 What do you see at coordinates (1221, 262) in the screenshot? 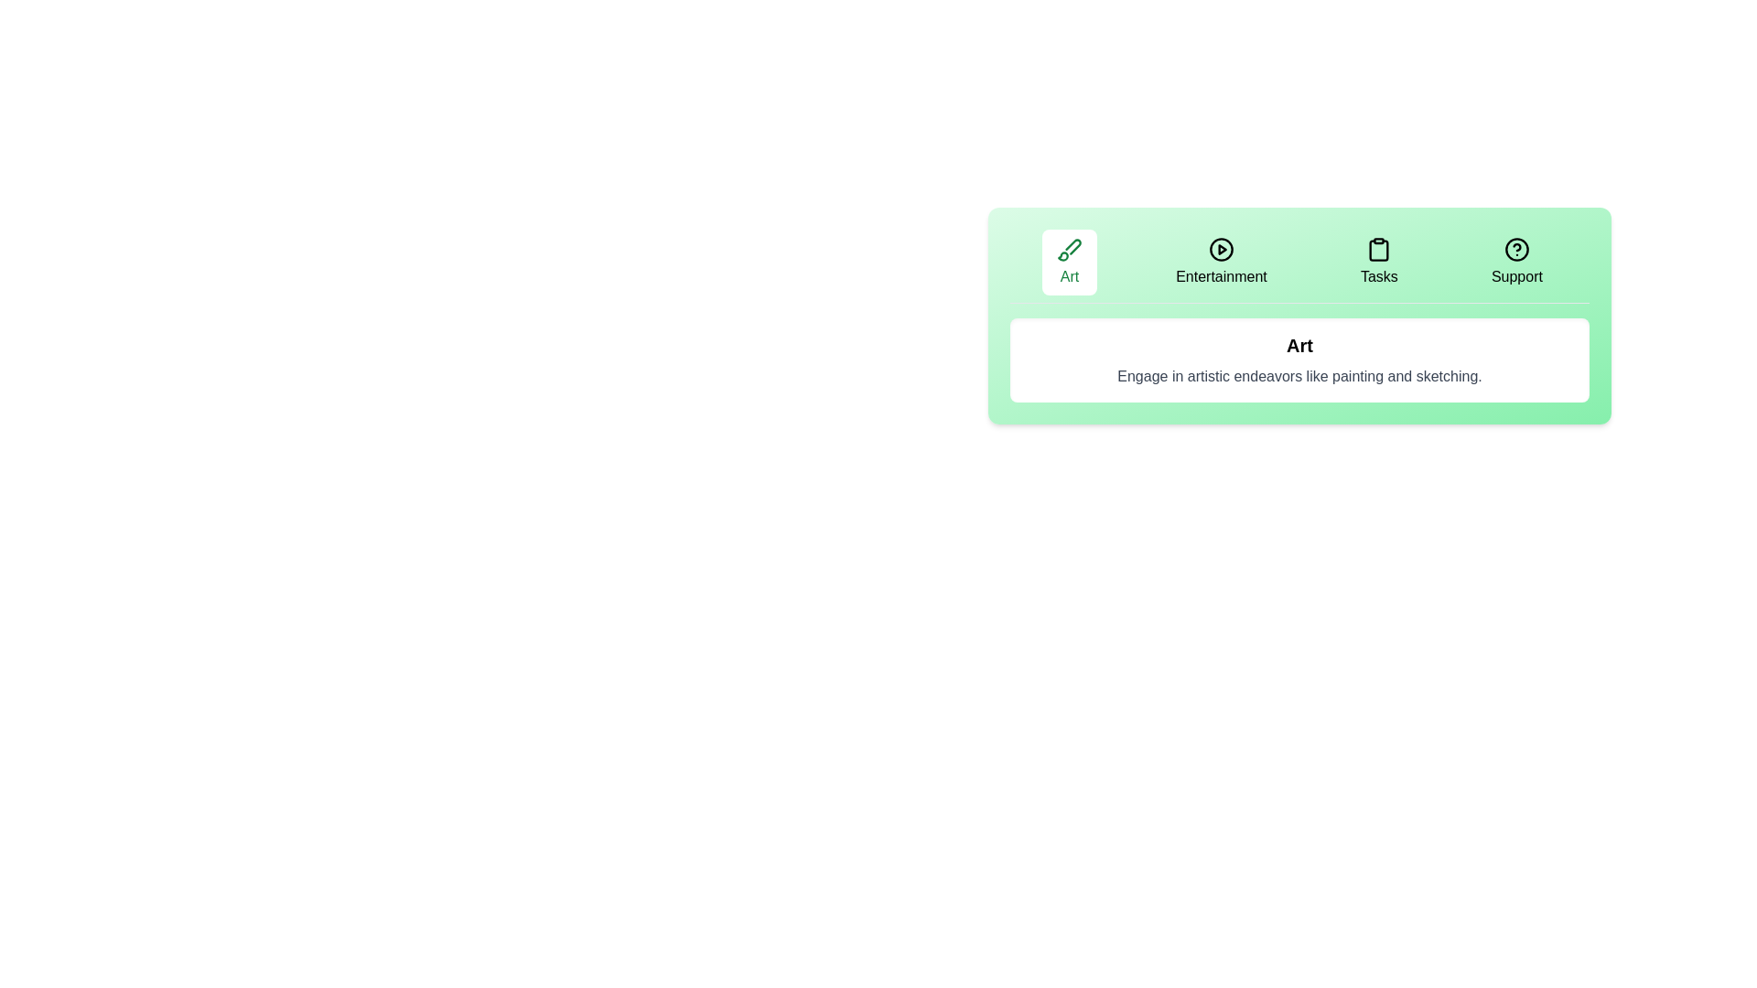
I see `the 'Entertainment' button in the navigation bar` at bounding box center [1221, 262].